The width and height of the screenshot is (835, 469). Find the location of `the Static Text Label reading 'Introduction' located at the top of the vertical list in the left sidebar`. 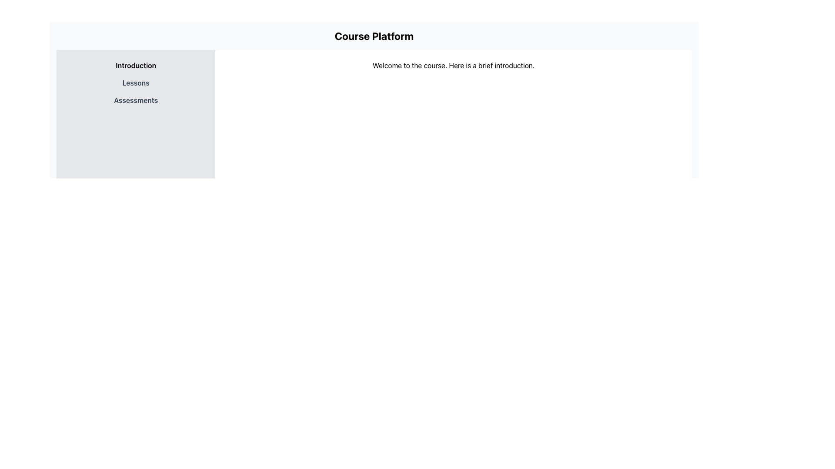

the Static Text Label reading 'Introduction' located at the top of the vertical list in the left sidebar is located at coordinates (135, 65).